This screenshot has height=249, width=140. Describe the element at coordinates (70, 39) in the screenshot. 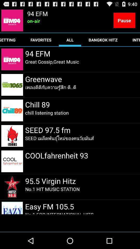

I see `all item` at that location.